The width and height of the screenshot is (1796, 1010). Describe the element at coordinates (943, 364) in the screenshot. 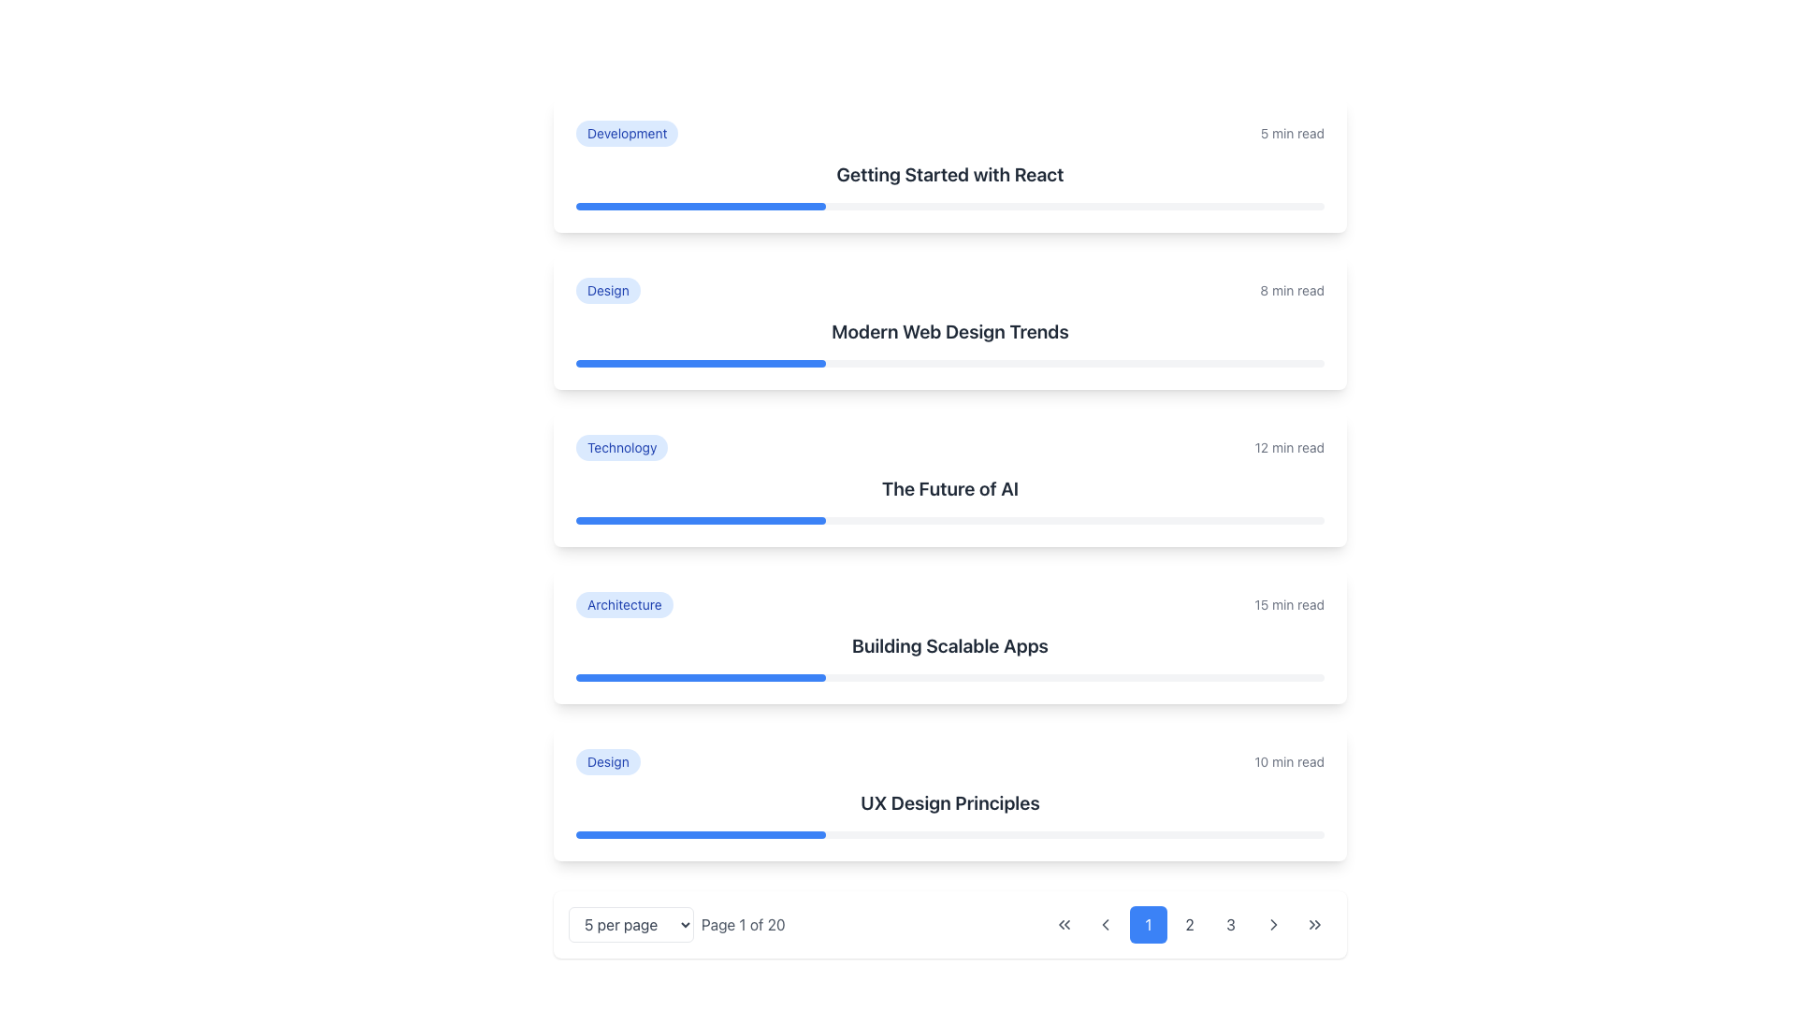

I see `progress` at that location.